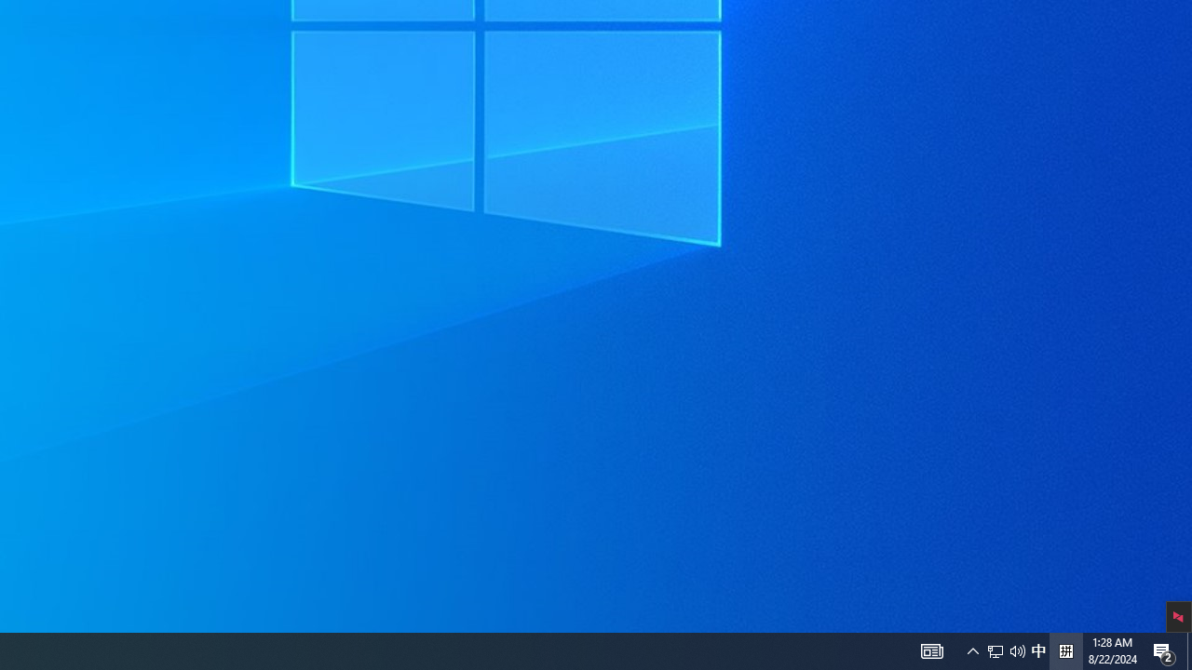  Describe the element at coordinates (1037, 650) in the screenshot. I see `'Tray Input Indicator - Chinese (Simplified, China)'` at that location.